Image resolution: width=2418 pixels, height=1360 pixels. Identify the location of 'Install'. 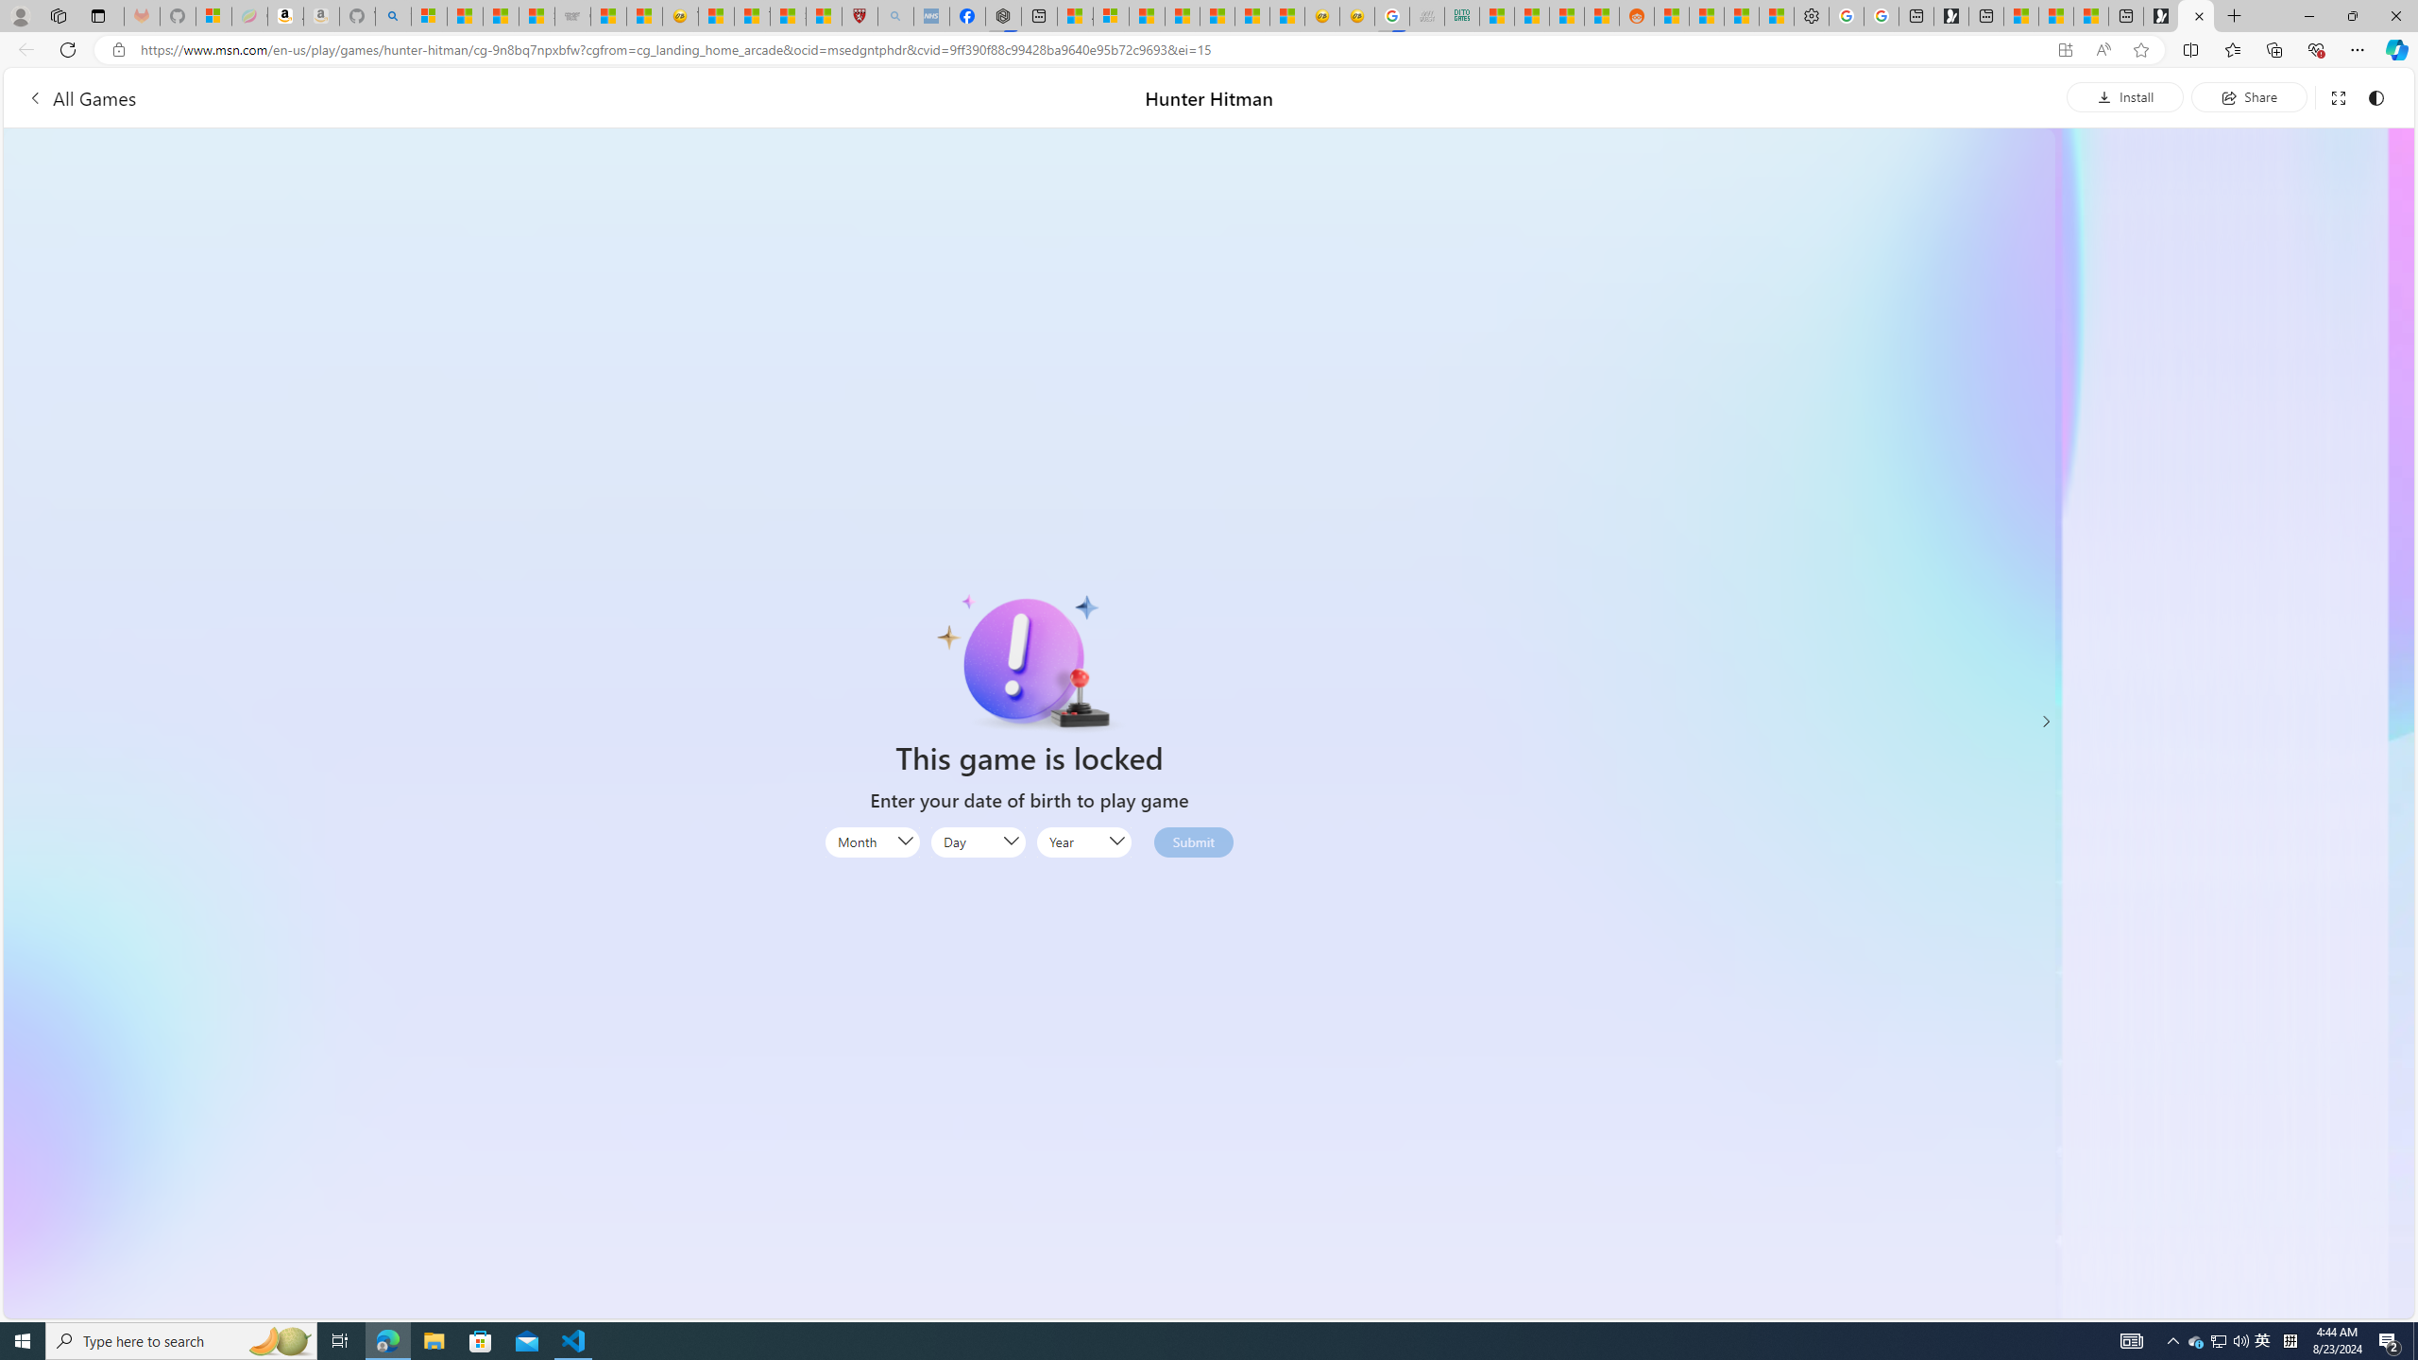
(2125, 96).